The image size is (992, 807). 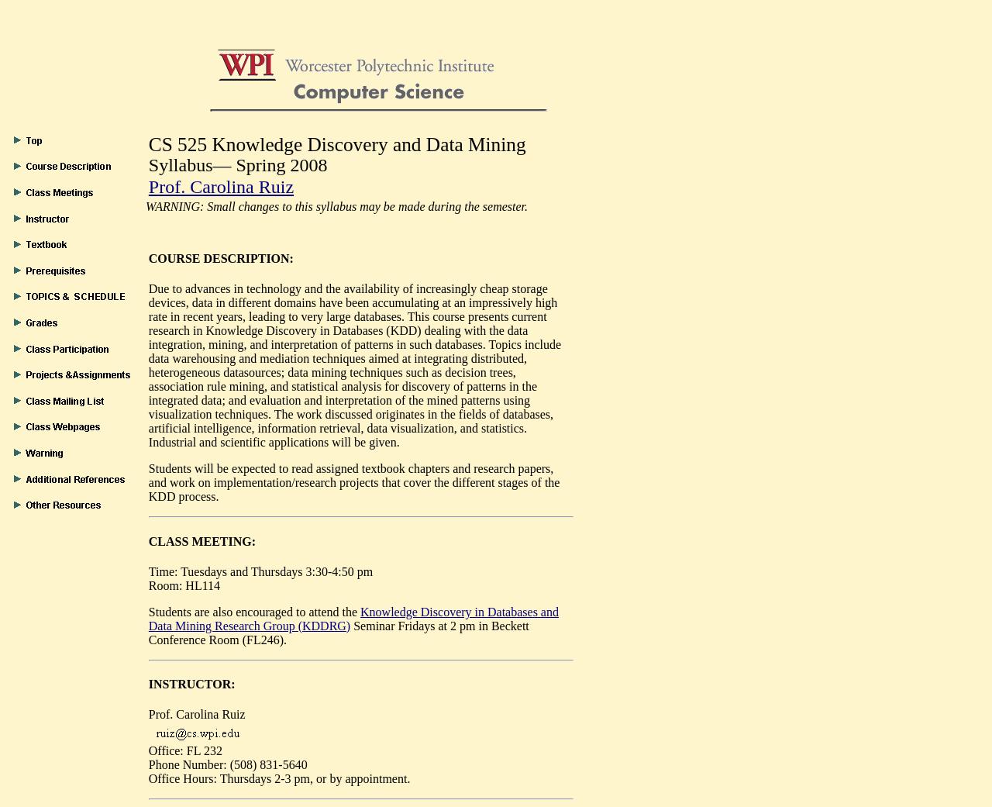 I want to click on 'COURSE DESCRIPTION:', so click(x=219, y=258).